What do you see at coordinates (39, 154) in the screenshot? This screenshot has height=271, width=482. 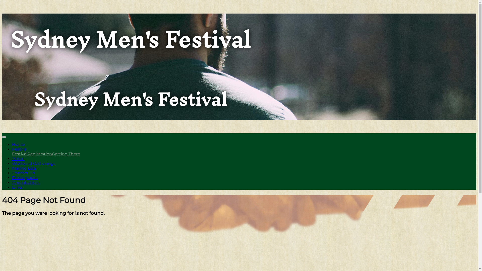 I see `'Registration'` at bounding box center [39, 154].